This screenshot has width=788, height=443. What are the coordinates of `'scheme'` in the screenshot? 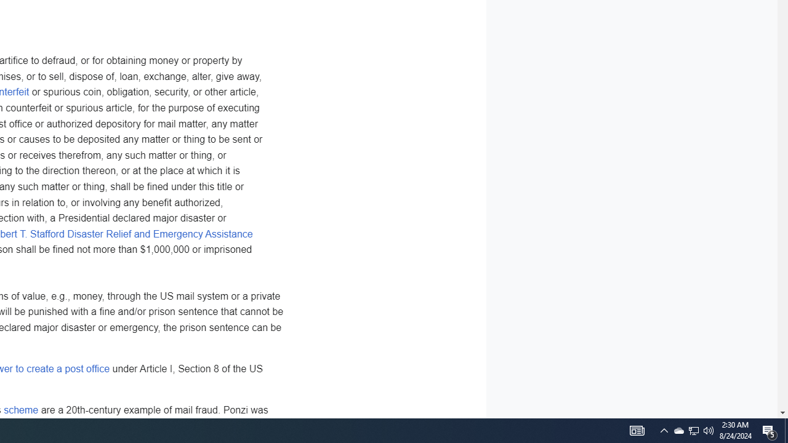 It's located at (21, 410).